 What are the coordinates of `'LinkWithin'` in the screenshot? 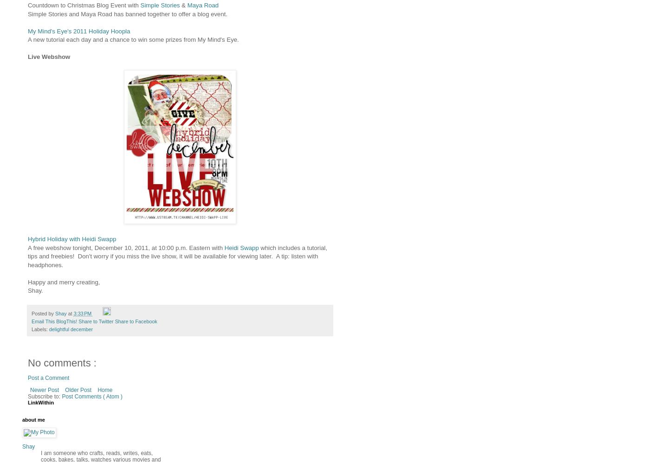 It's located at (41, 403).